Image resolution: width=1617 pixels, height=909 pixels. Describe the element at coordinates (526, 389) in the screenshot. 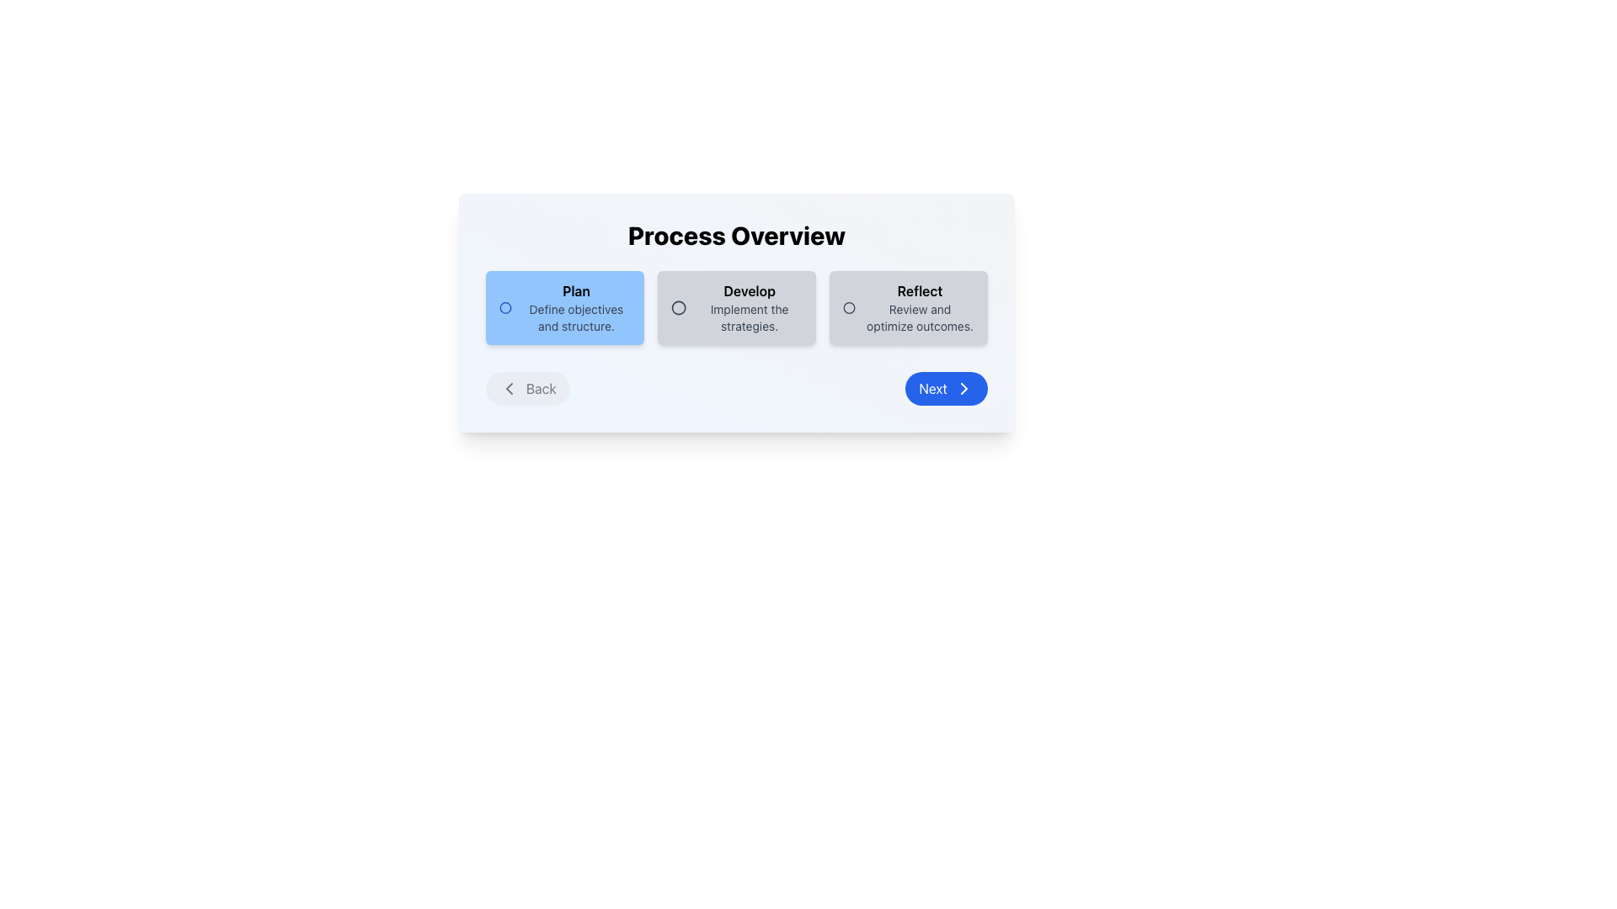

I see `the 'Previous' button located on the left side of the Process Overview section` at that location.